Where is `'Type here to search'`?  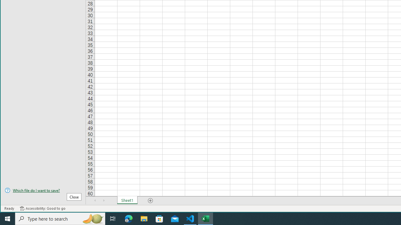
'Type here to search' is located at coordinates (60, 218).